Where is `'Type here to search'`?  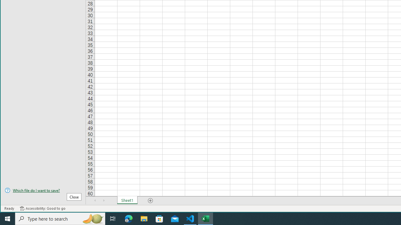
'Type here to search' is located at coordinates (60, 218).